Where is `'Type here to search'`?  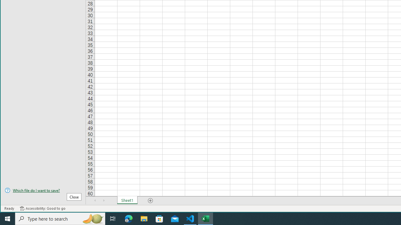
'Type here to search' is located at coordinates (60, 218).